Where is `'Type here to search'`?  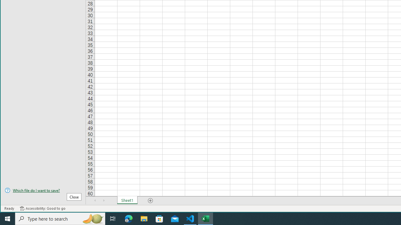
'Type here to search' is located at coordinates (60, 218).